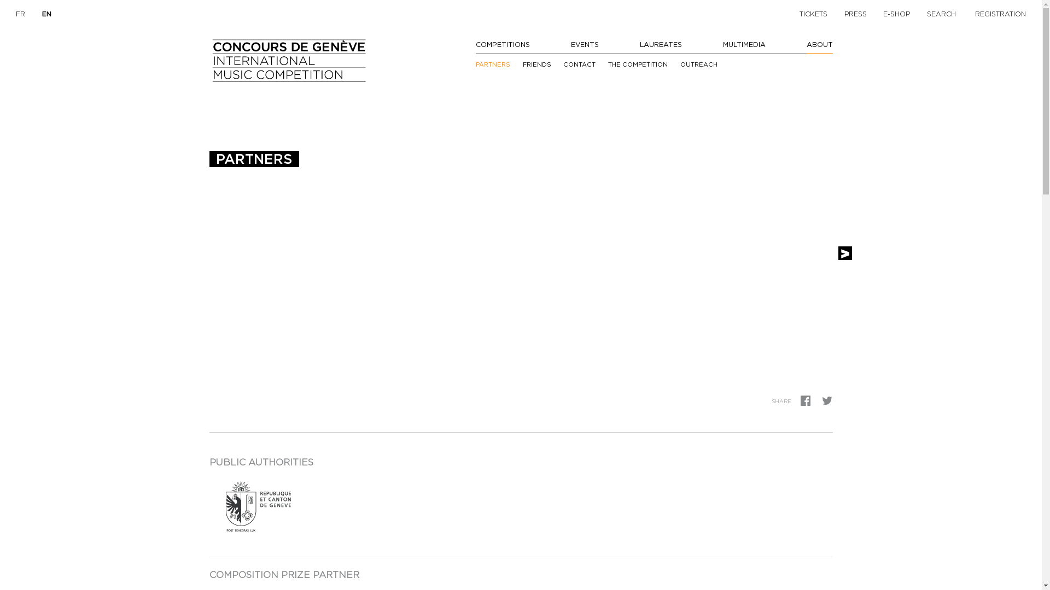 The width and height of the screenshot is (1050, 590). What do you see at coordinates (1000, 14) in the screenshot?
I see `'REGISTRATION'` at bounding box center [1000, 14].